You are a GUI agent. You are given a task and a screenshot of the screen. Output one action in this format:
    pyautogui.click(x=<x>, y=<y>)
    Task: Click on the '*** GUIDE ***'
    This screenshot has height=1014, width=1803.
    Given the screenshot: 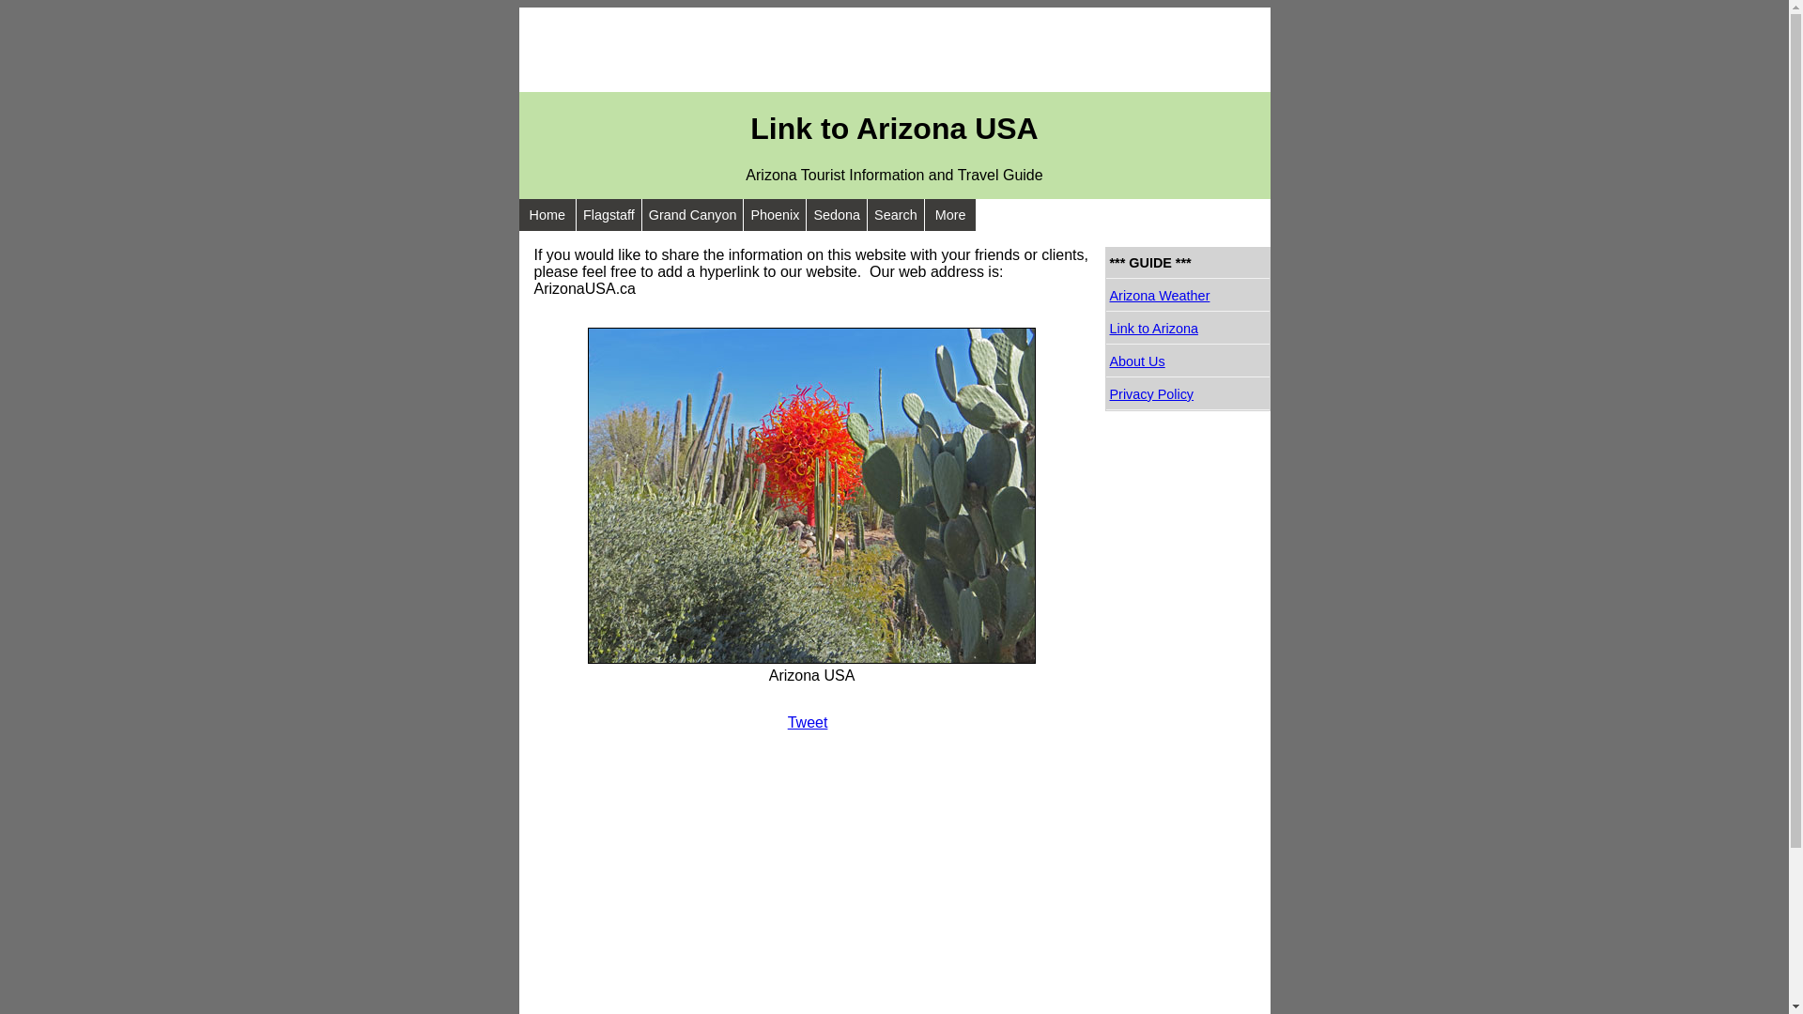 What is the action you would take?
    pyautogui.click(x=1187, y=263)
    